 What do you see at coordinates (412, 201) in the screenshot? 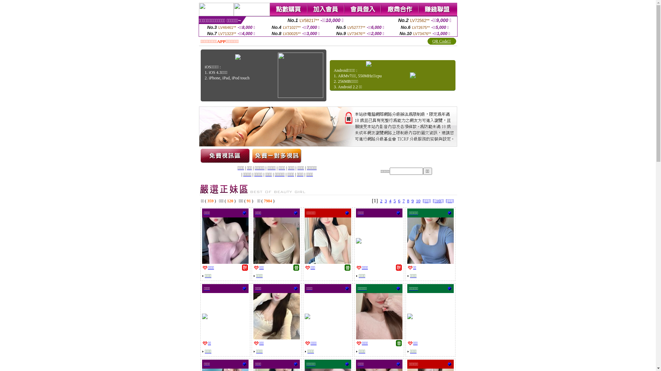
I see `'9'` at bounding box center [412, 201].